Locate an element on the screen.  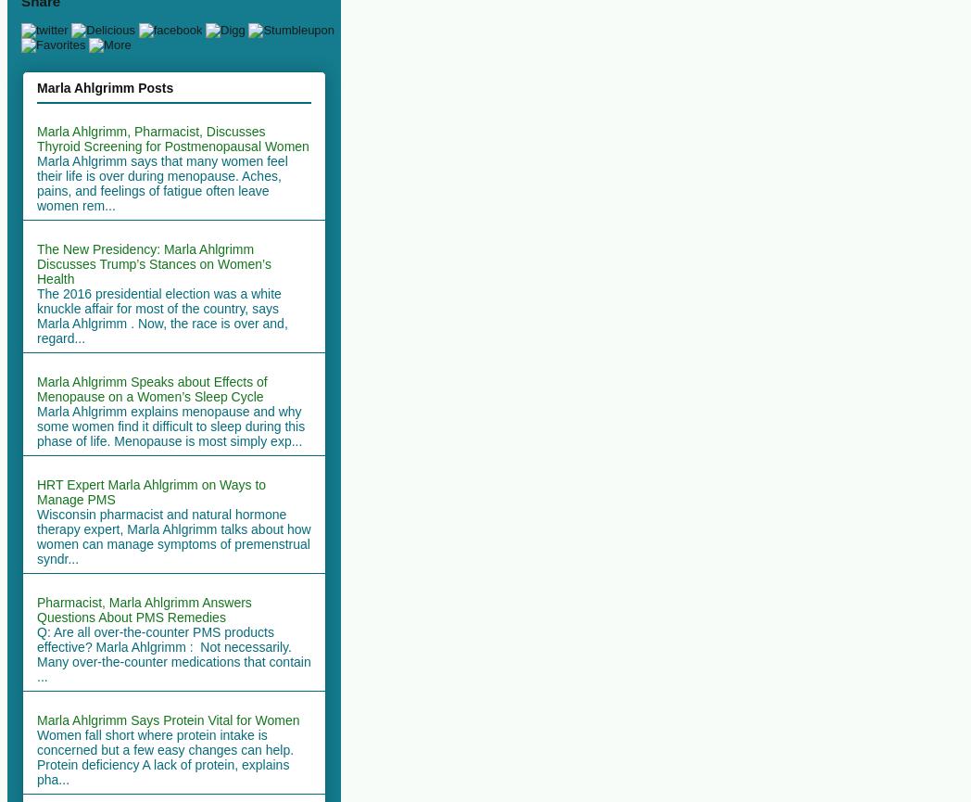
'Marla Ahlgrimm Speaks about Effects of Menopause on a Women’s Sleep Cycle' is located at coordinates (36, 388).